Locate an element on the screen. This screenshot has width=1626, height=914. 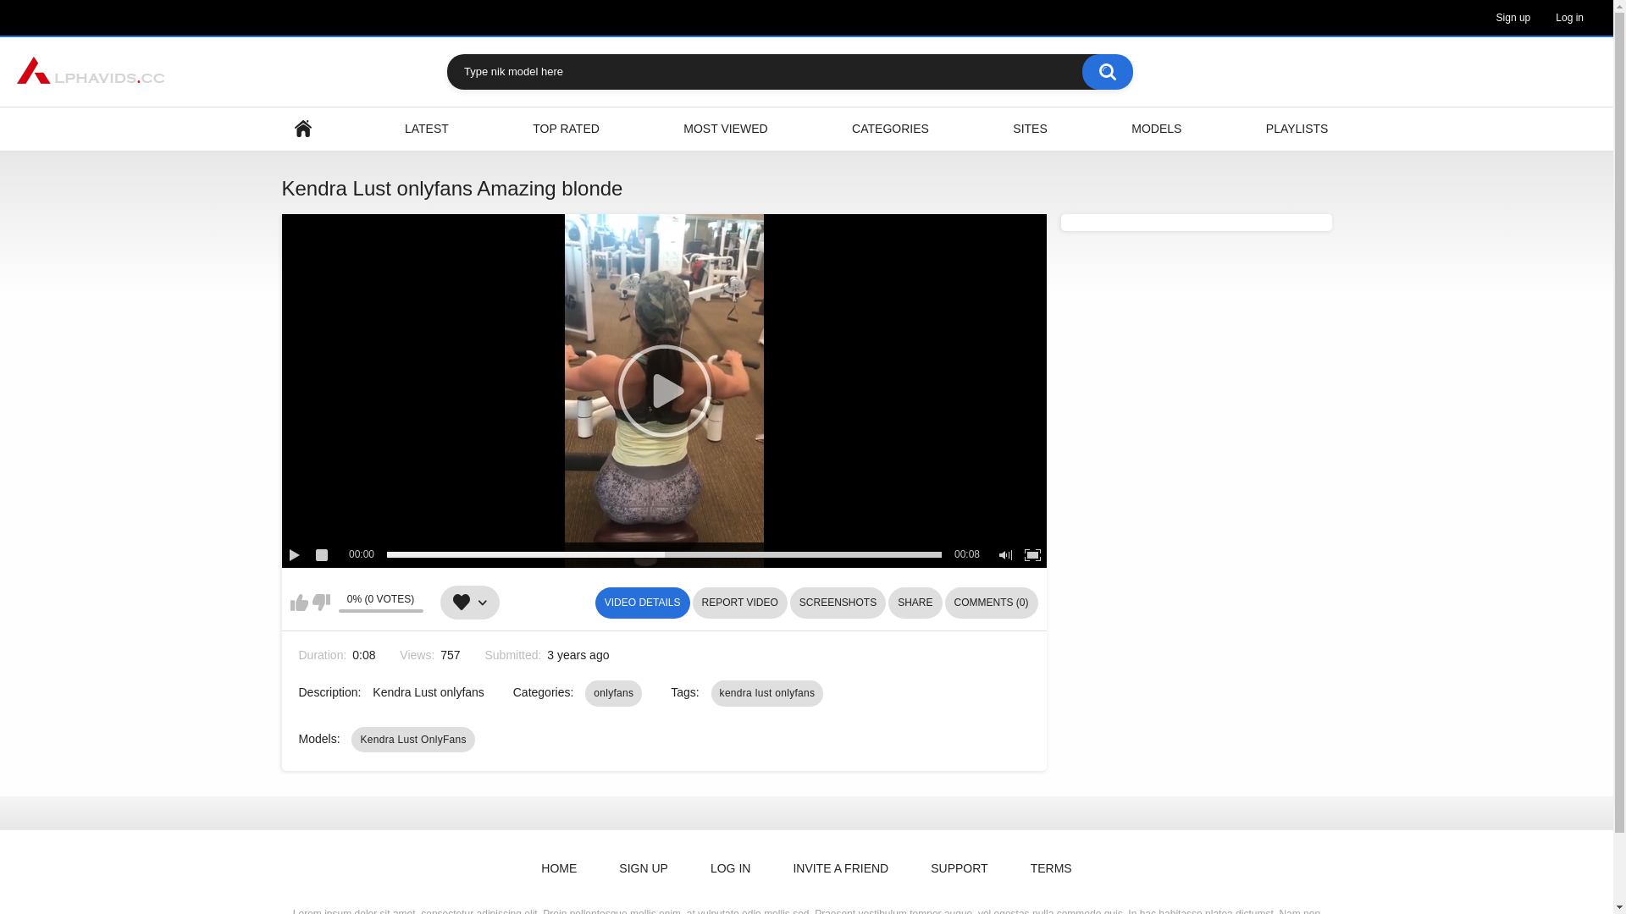
'COMMENTS (0)' is located at coordinates (992, 602).